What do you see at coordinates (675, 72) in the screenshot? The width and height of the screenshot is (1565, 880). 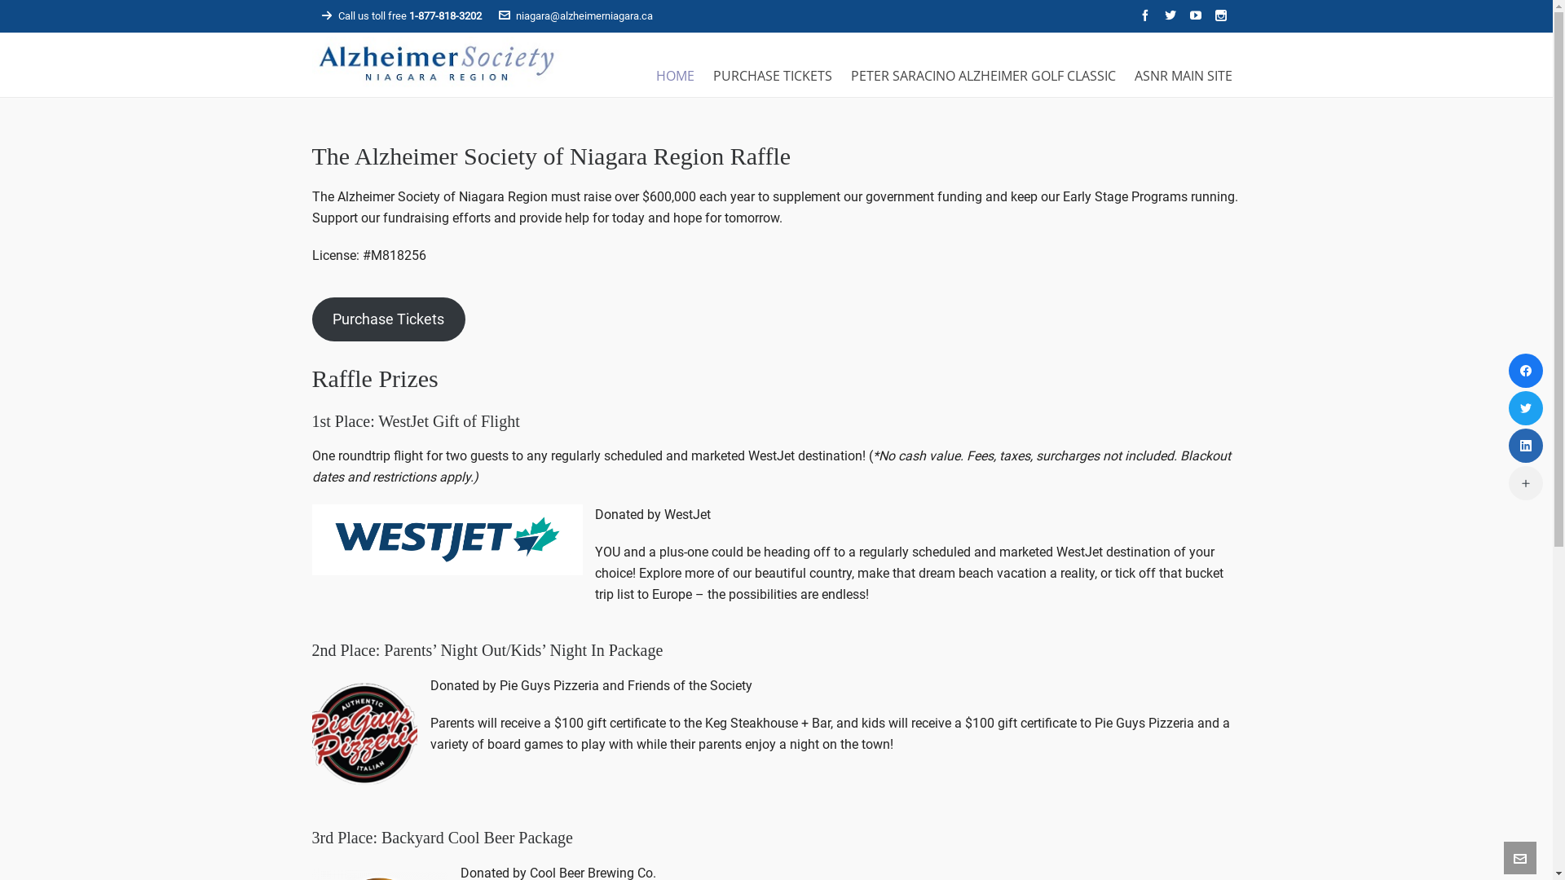 I see `'HOME'` at bounding box center [675, 72].